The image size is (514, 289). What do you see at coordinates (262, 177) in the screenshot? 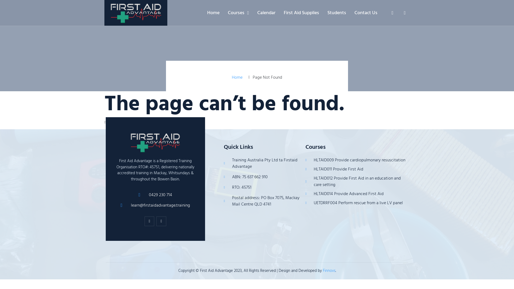
I see `'ABN: 75 637 662 910'` at bounding box center [262, 177].